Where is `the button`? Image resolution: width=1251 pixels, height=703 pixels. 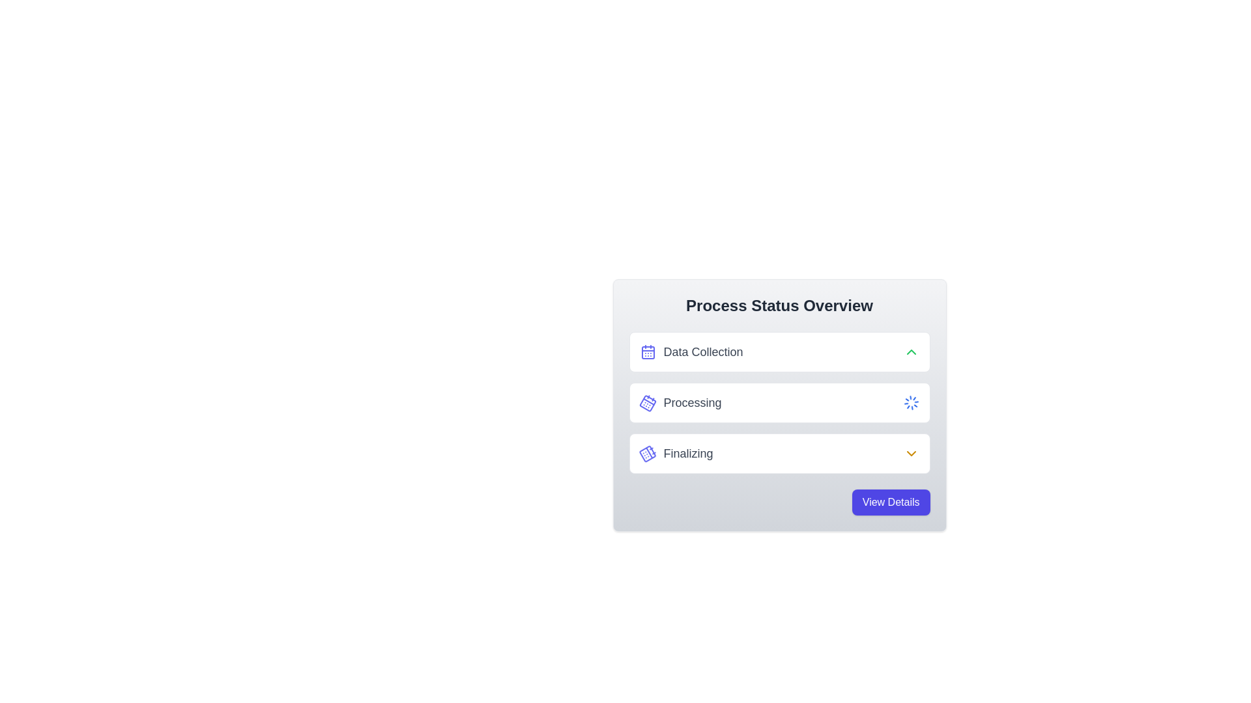 the button is located at coordinates (890, 501).